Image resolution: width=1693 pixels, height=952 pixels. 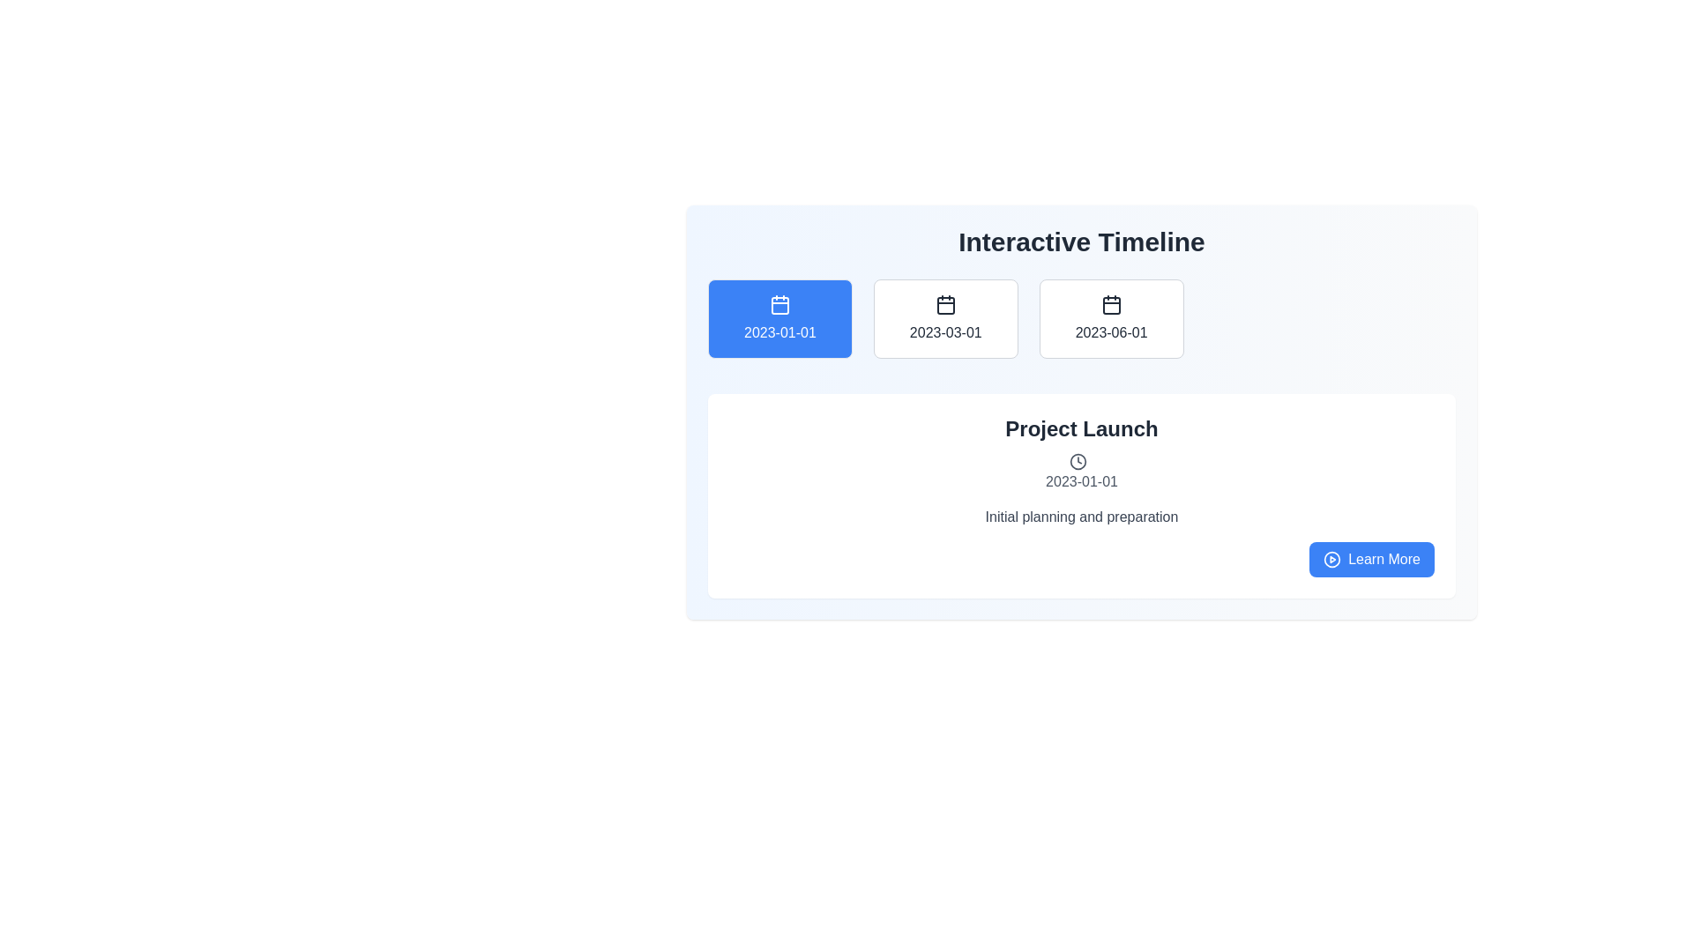 What do you see at coordinates (1078, 460) in the screenshot?
I see `the SVG circle element that represents the clock face, which is styled to match the theme and is located near the 'Project Launch 2023-01-01' text` at bounding box center [1078, 460].